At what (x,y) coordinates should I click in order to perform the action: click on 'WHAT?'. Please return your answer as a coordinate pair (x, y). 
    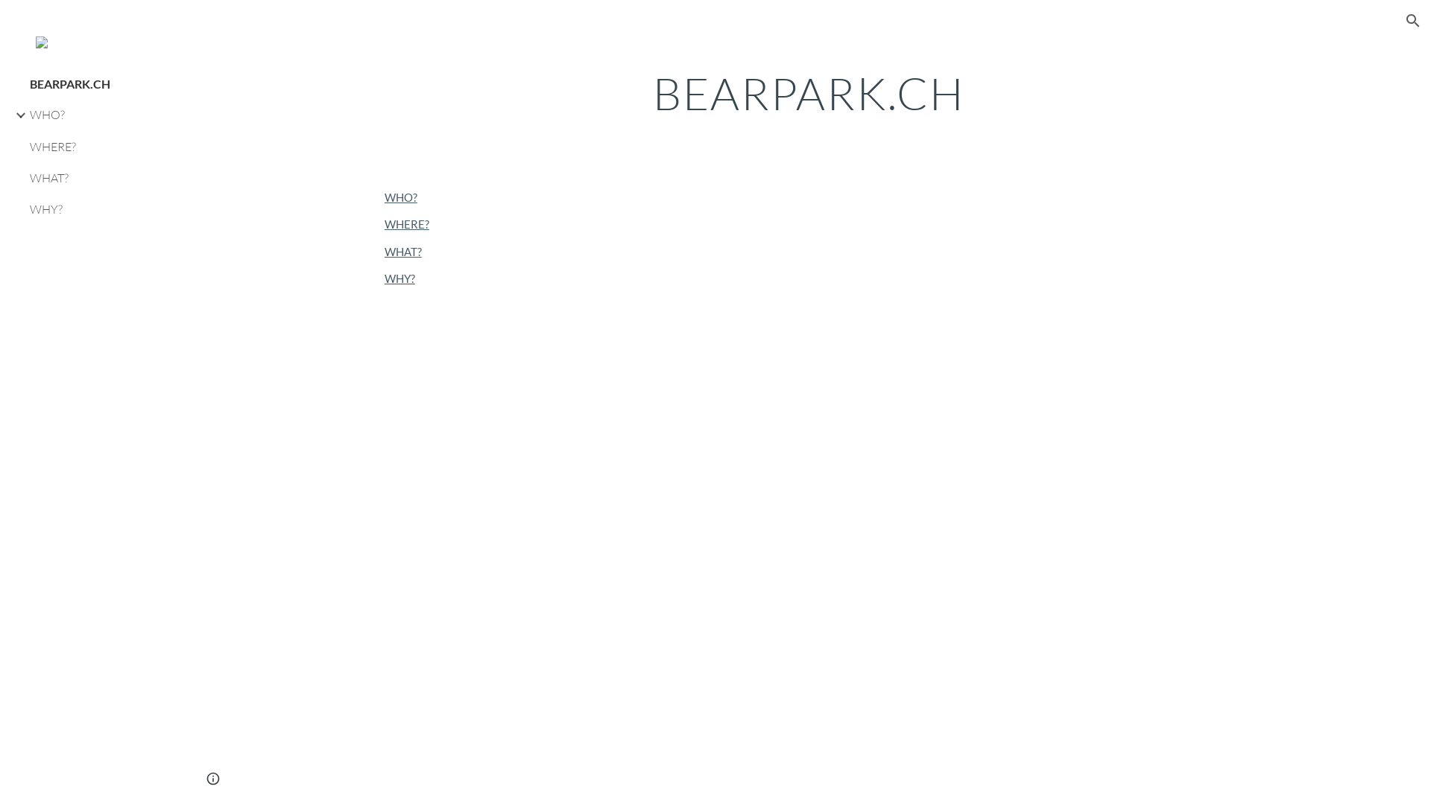
    Looking at the image, I should click on (403, 251).